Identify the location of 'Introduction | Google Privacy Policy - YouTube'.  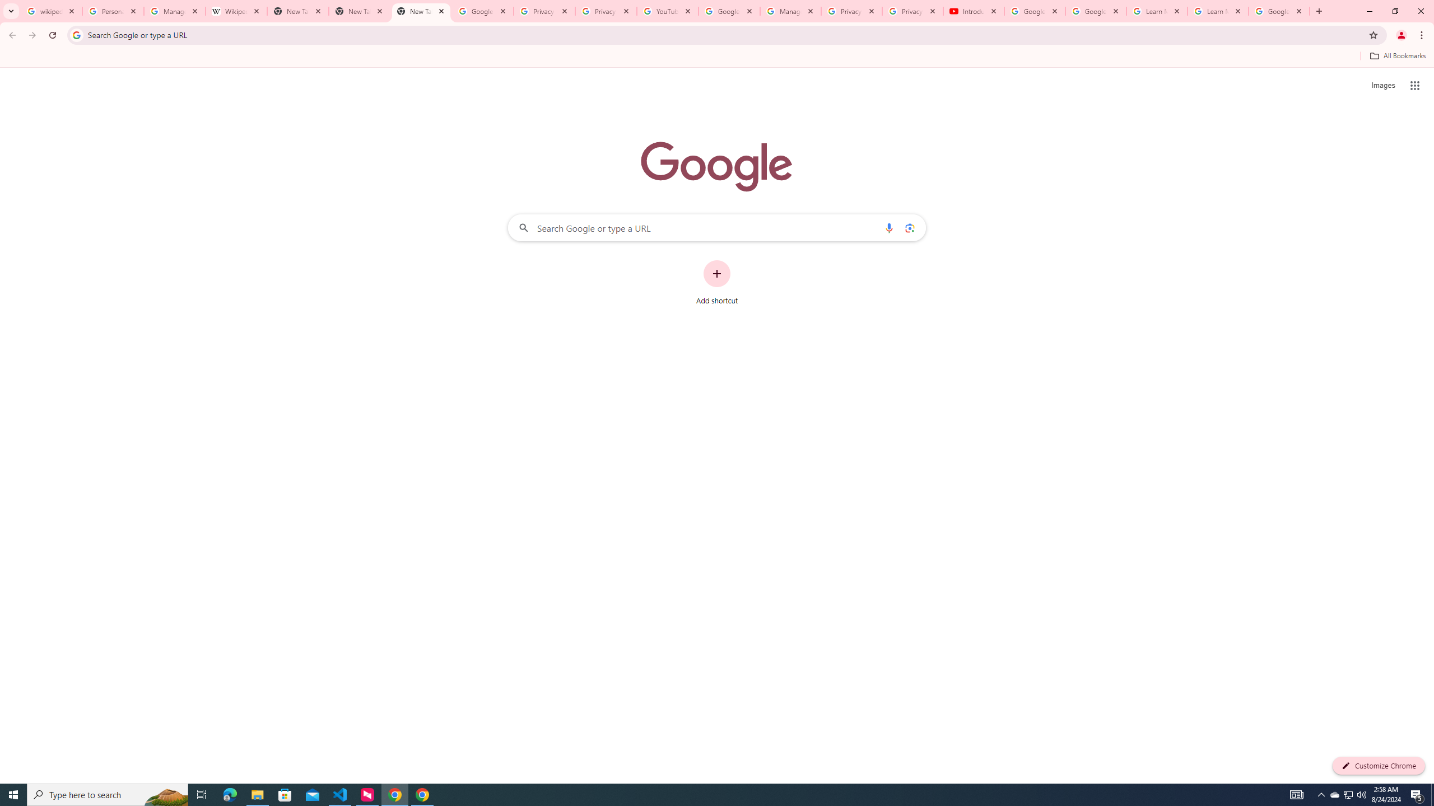
(973, 11).